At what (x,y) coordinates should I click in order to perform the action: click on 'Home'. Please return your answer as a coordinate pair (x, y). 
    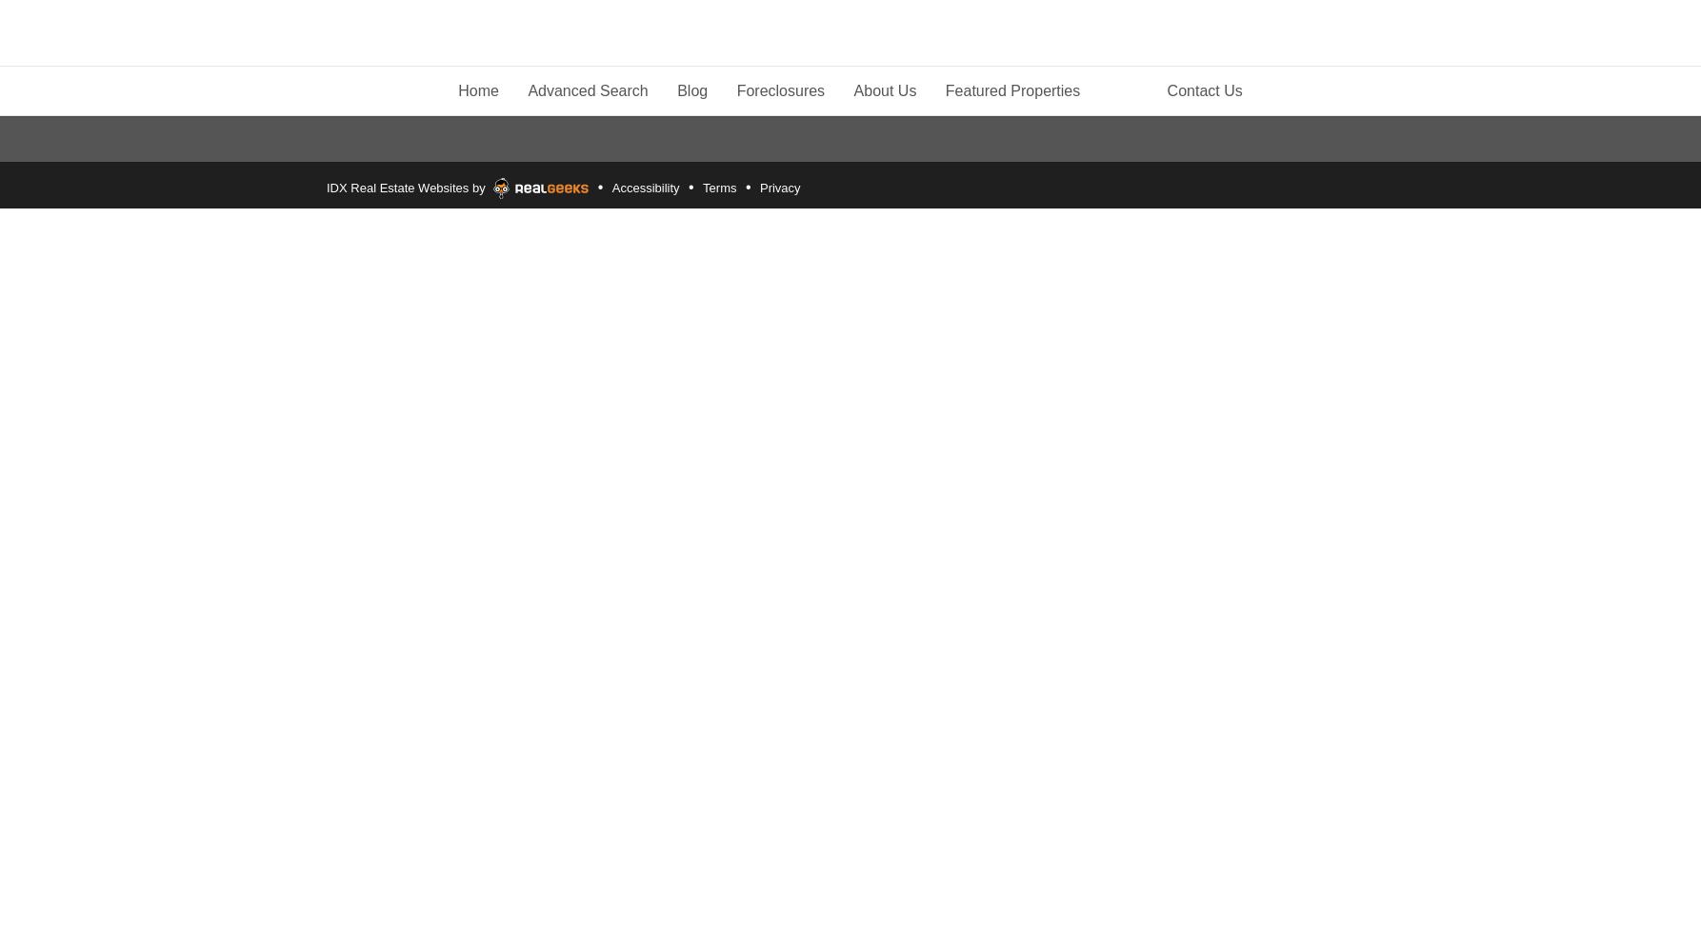
    Looking at the image, I should click on (477, 89).